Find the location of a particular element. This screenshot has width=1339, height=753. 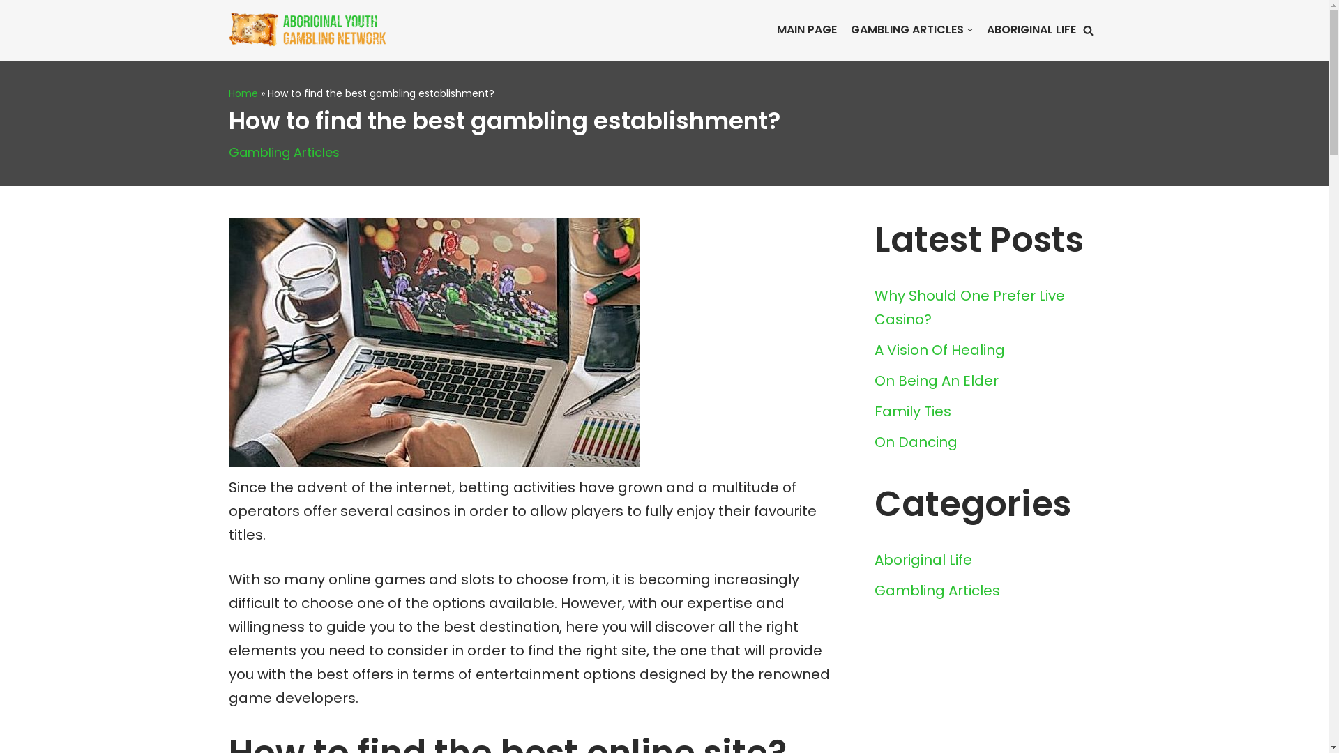

'On Dancing' is located at coordinates (916, 441).